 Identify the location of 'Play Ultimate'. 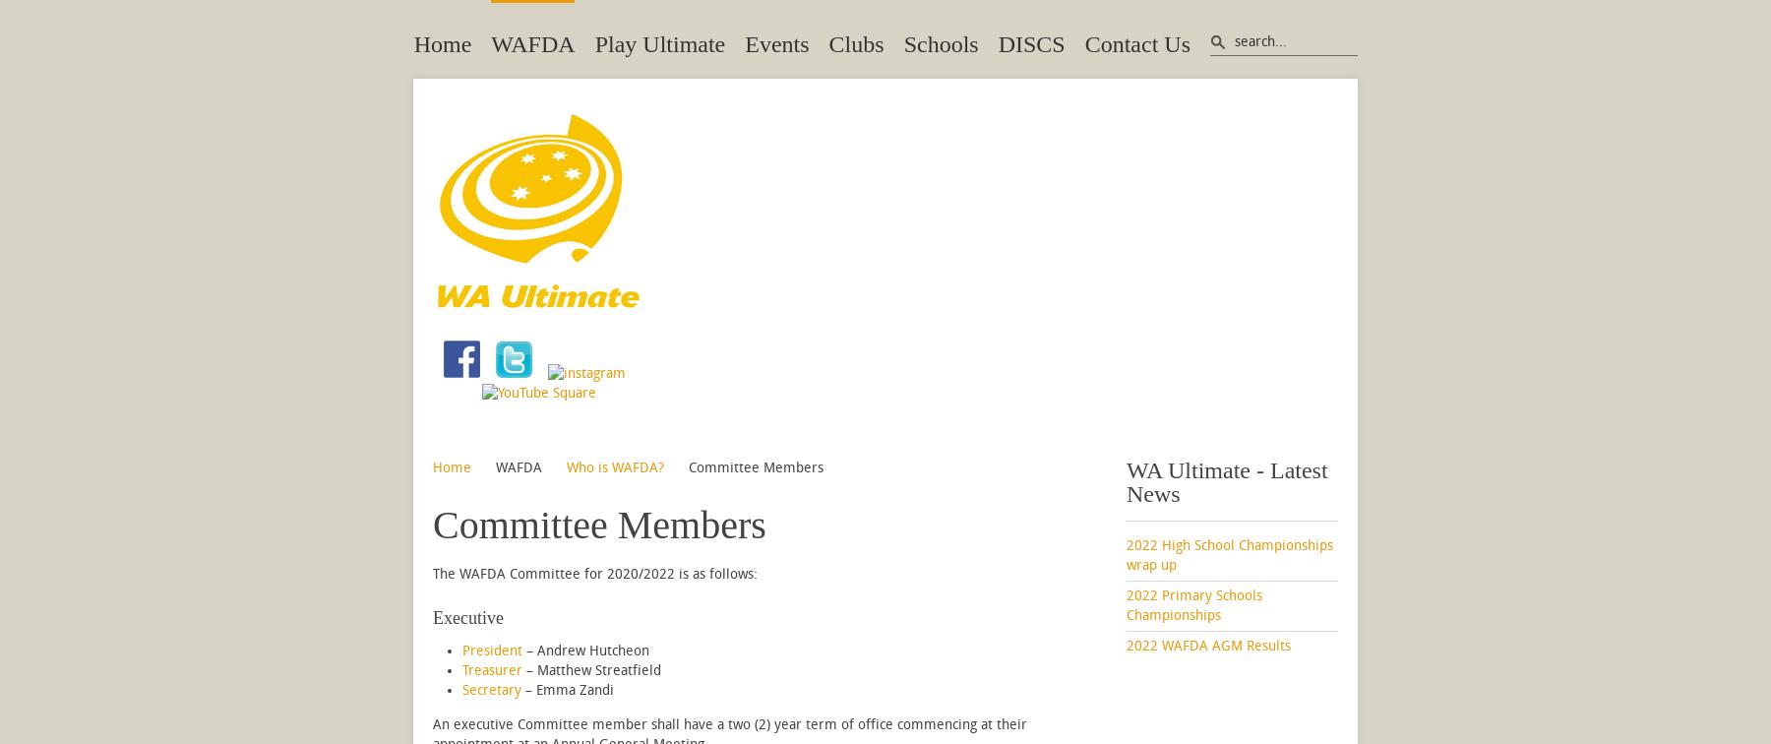
(659, 43).